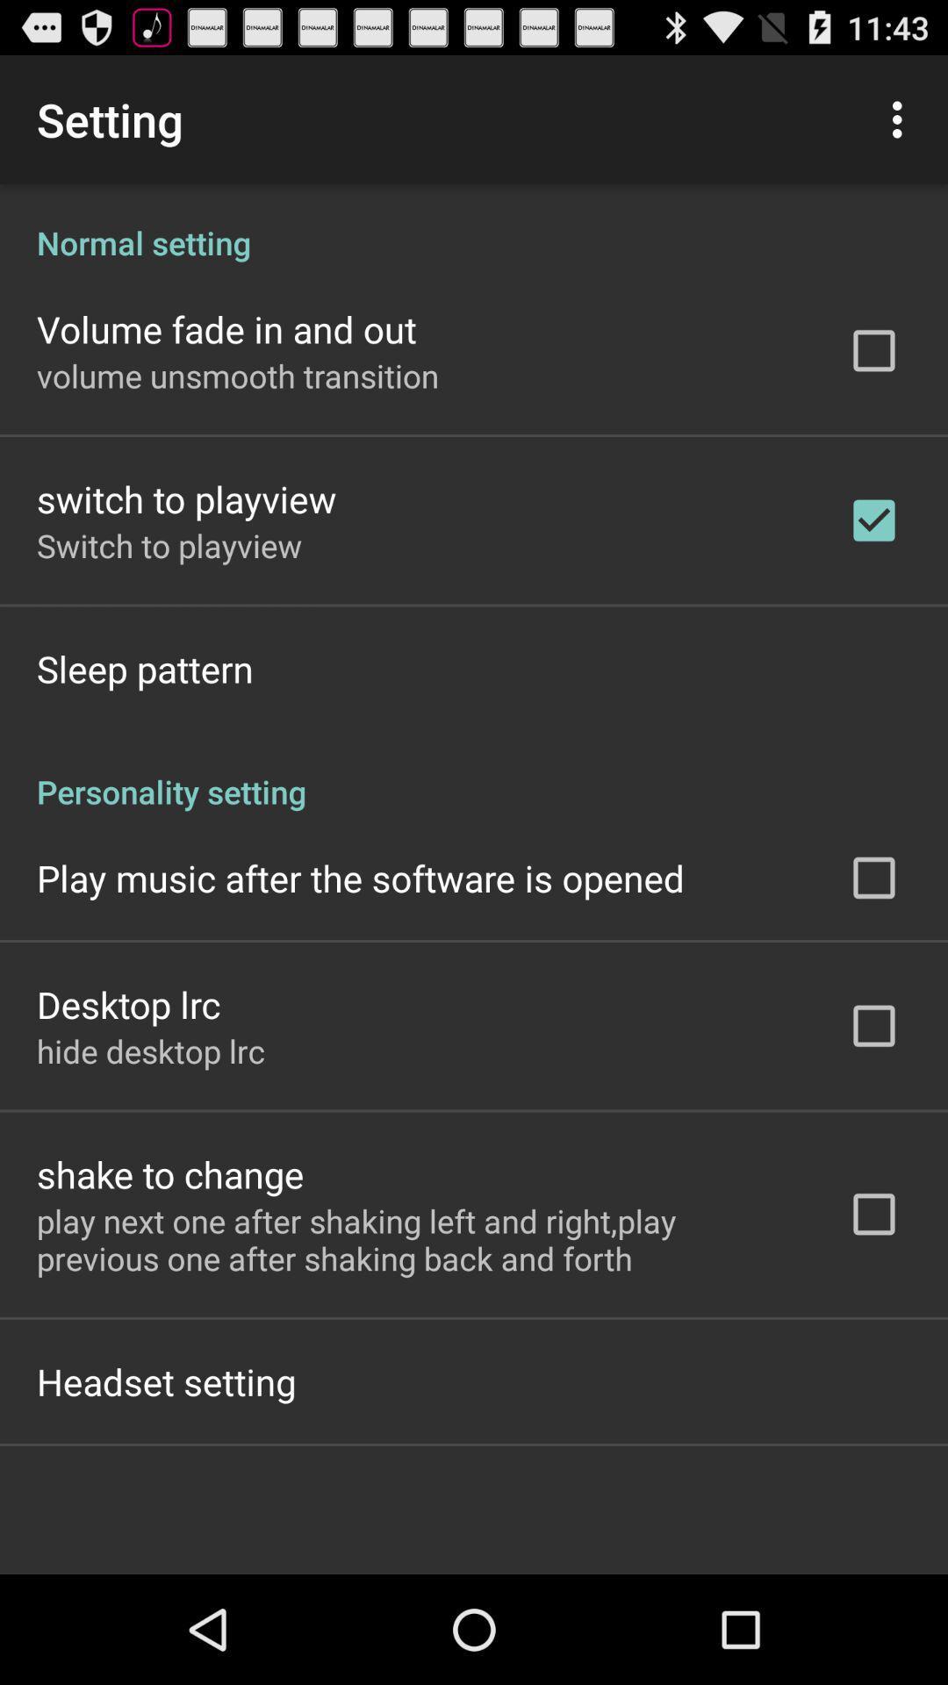  Describe the element at coordinates (474, 223) in the screenshot. I see `normal setting app` at that location.